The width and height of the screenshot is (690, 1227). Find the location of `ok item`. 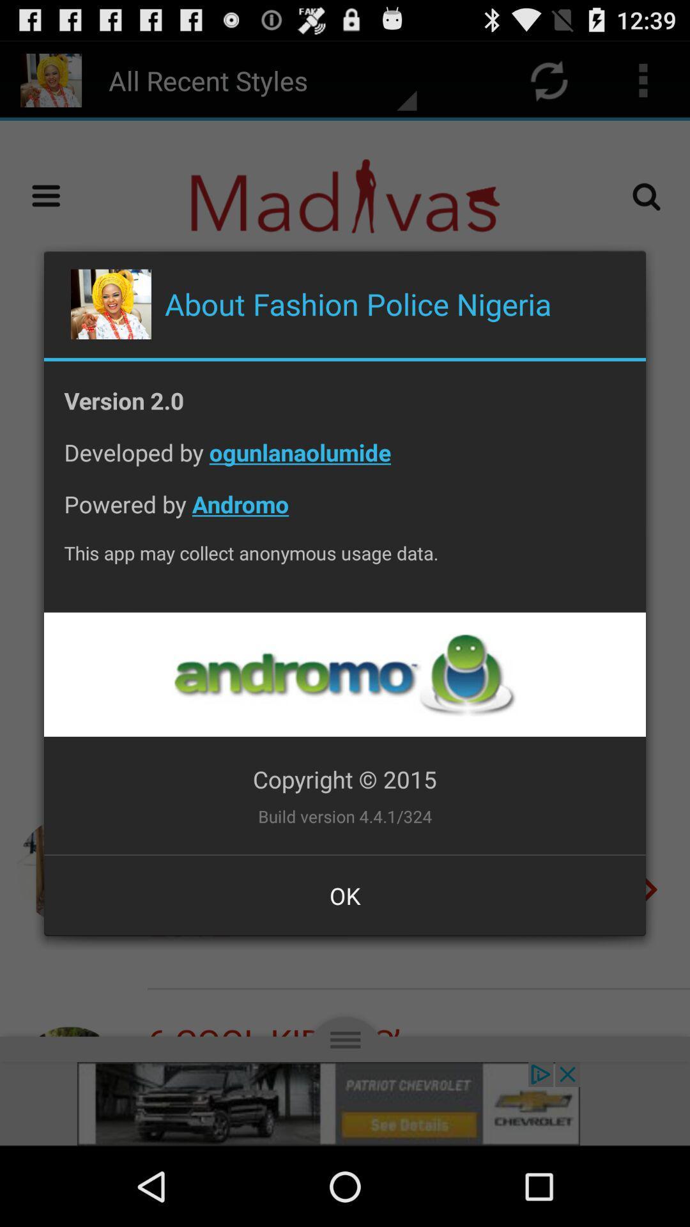

ok item is located at coordinates (345, 895).